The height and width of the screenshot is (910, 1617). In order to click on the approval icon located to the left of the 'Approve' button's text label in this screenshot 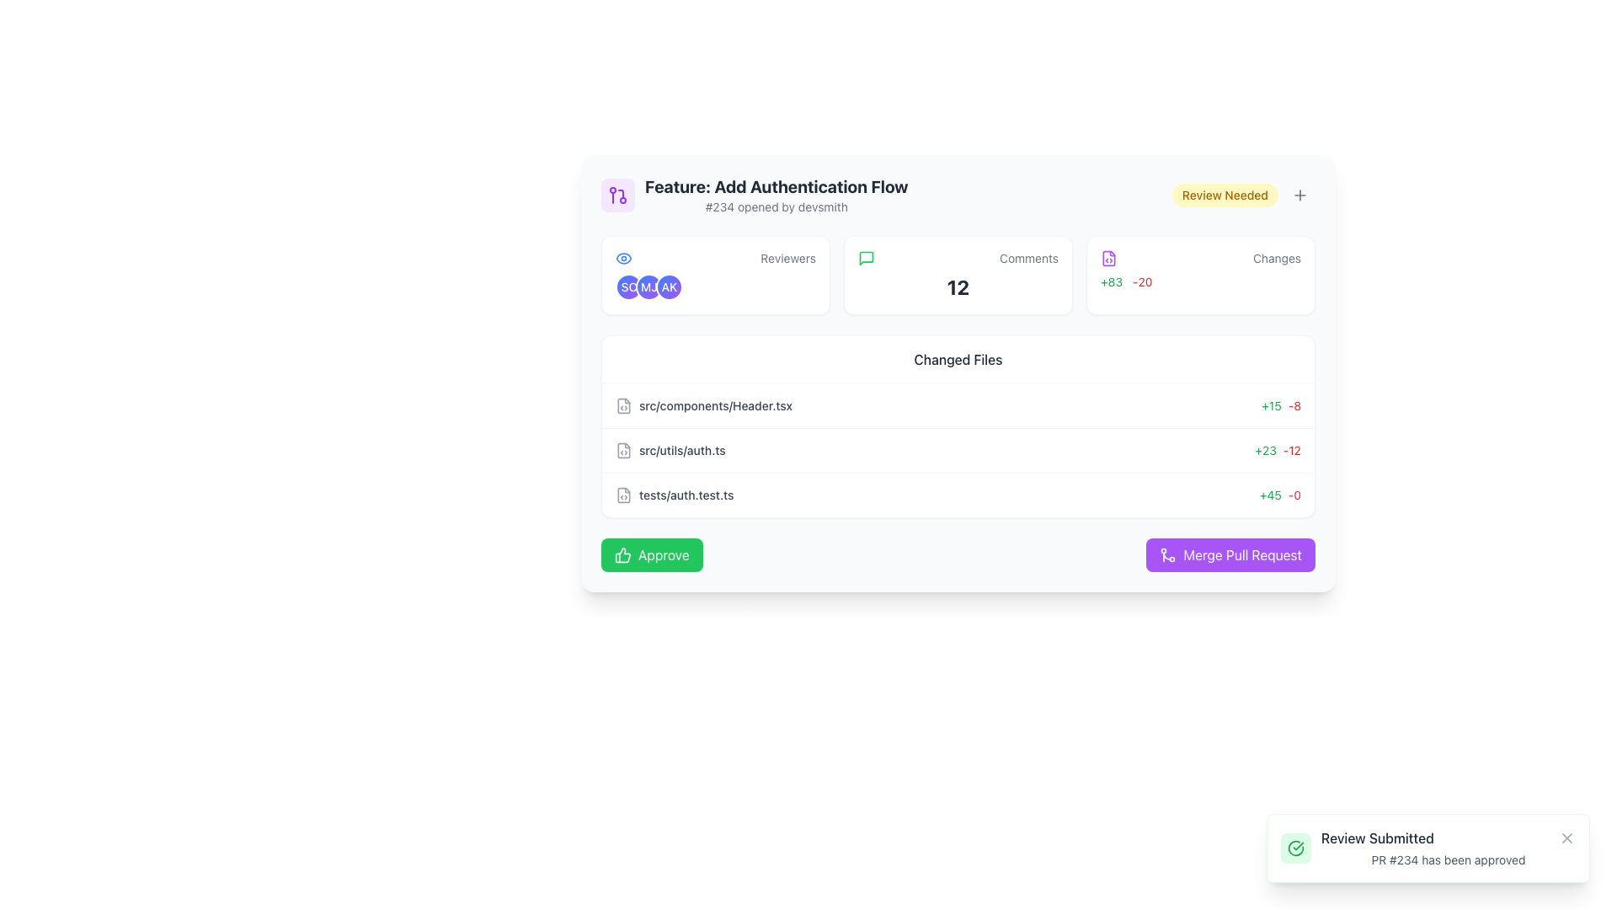, I will do `click(622, 555)`.